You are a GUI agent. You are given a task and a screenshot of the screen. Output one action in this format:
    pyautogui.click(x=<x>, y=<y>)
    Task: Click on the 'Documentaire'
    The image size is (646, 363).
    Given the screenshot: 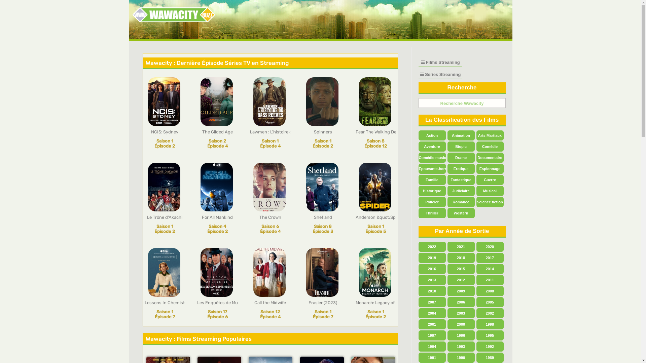 What is the action you would take?
    pyautogui.click(x=490, y=158)
    